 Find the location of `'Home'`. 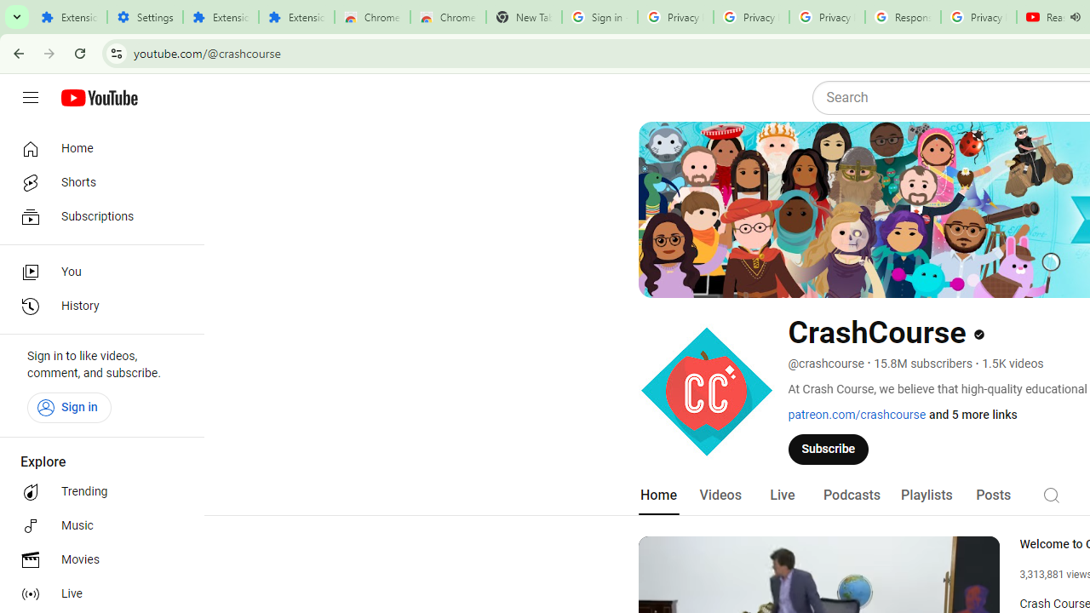

'Home' is located at coordinates (95, 147).